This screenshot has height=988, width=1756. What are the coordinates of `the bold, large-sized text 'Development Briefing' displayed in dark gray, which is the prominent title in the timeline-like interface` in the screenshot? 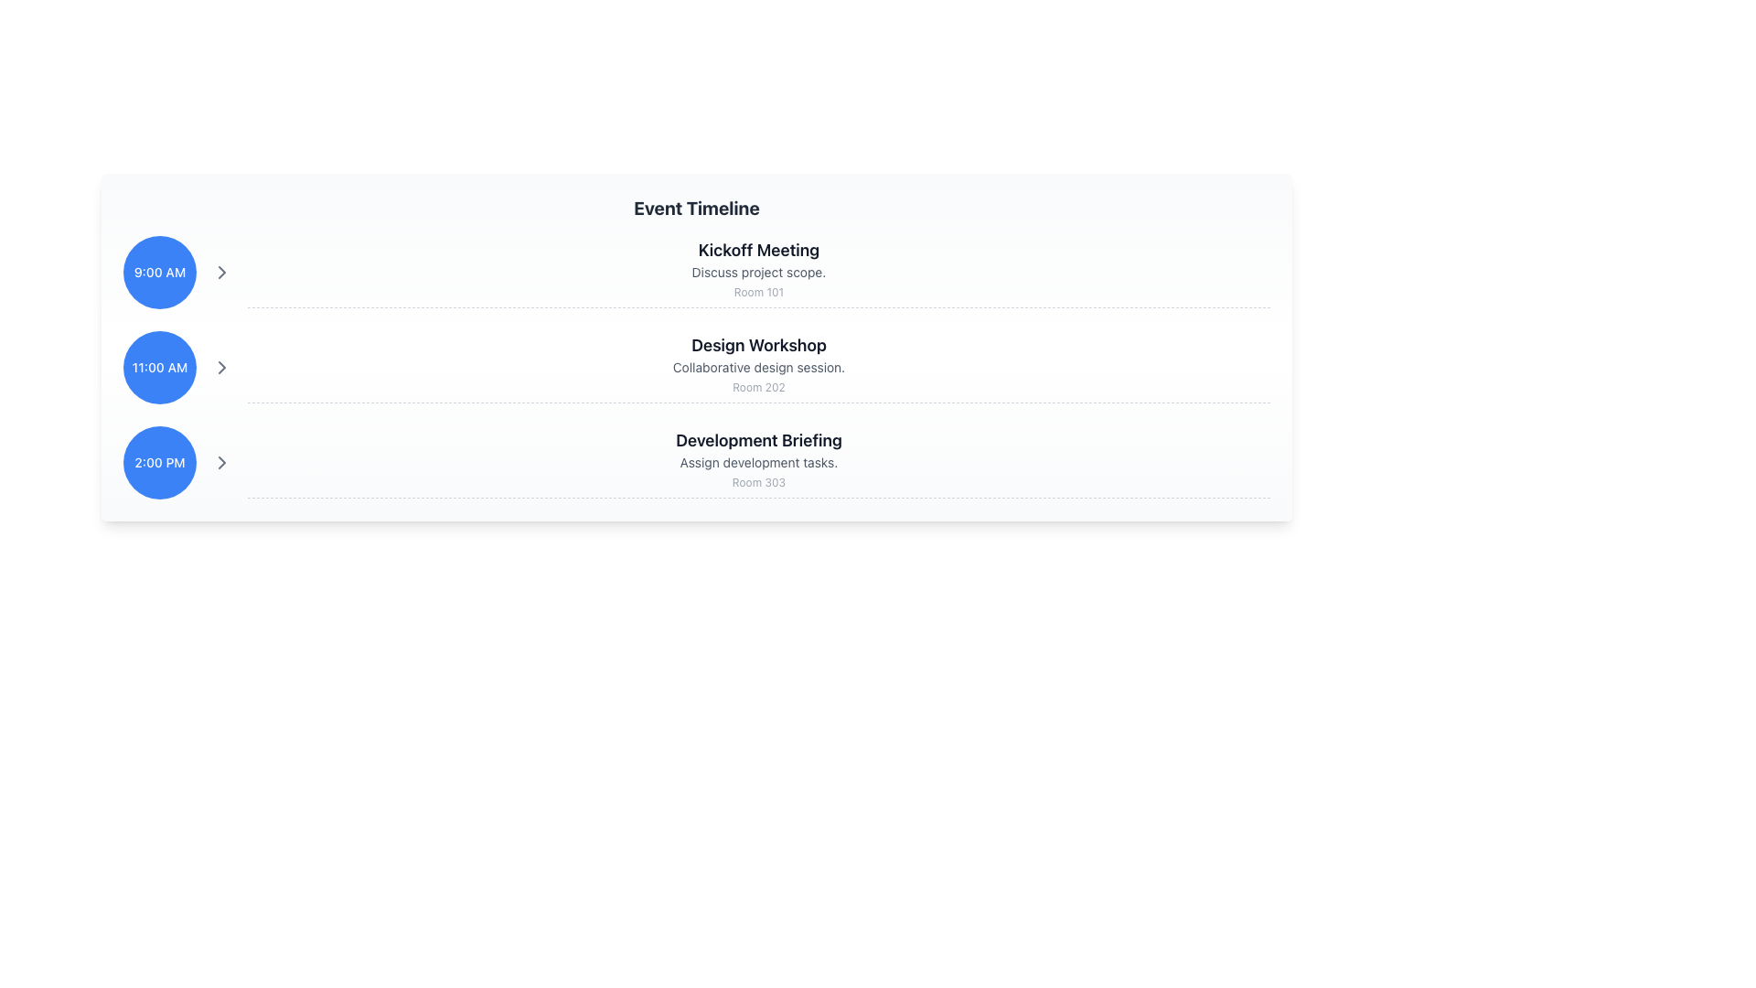 It's located at (759, 440).